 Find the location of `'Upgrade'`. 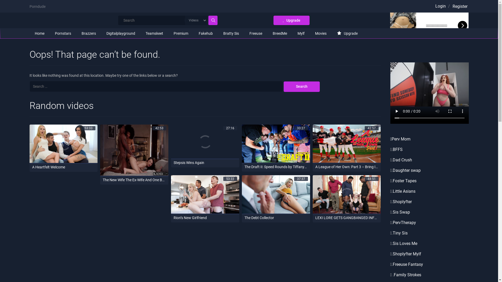

'Upgrade' is located at coordinates (291, 20).